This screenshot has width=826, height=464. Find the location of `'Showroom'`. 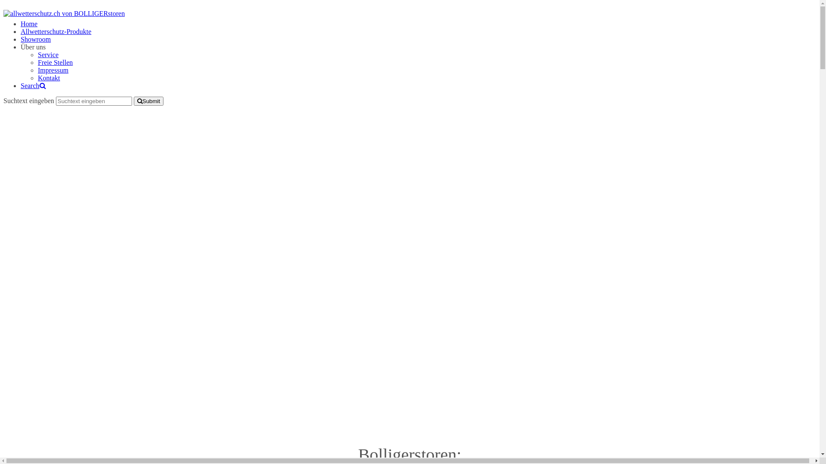

'Showroom' is located at coordinates (35, 39).